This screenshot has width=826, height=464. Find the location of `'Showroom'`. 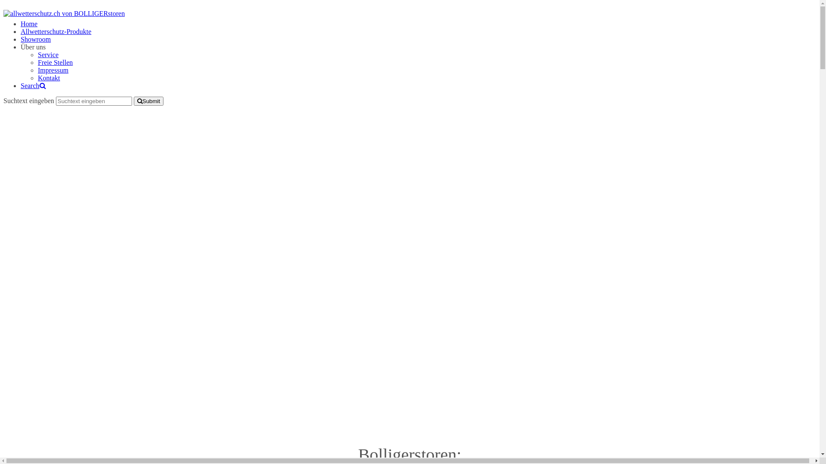

'Showroom' is located at coordinates (35, 39).